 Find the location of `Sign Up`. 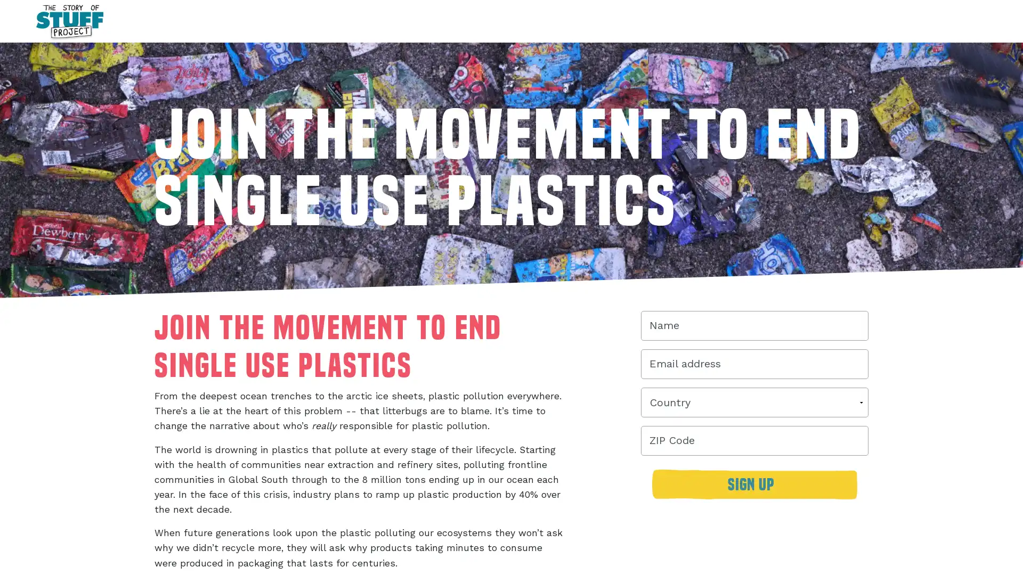

Sign Up is located at coordinates (754, 490).